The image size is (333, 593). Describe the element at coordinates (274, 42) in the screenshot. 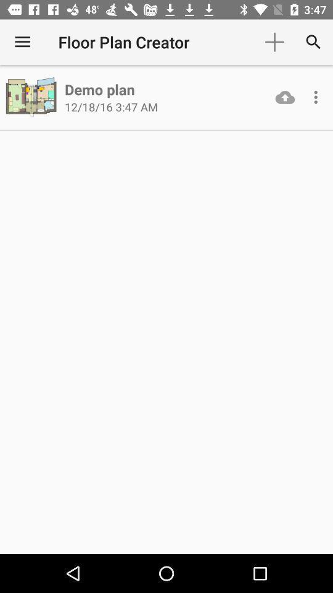

I see `the item to the right of floor plan creator` at that location.